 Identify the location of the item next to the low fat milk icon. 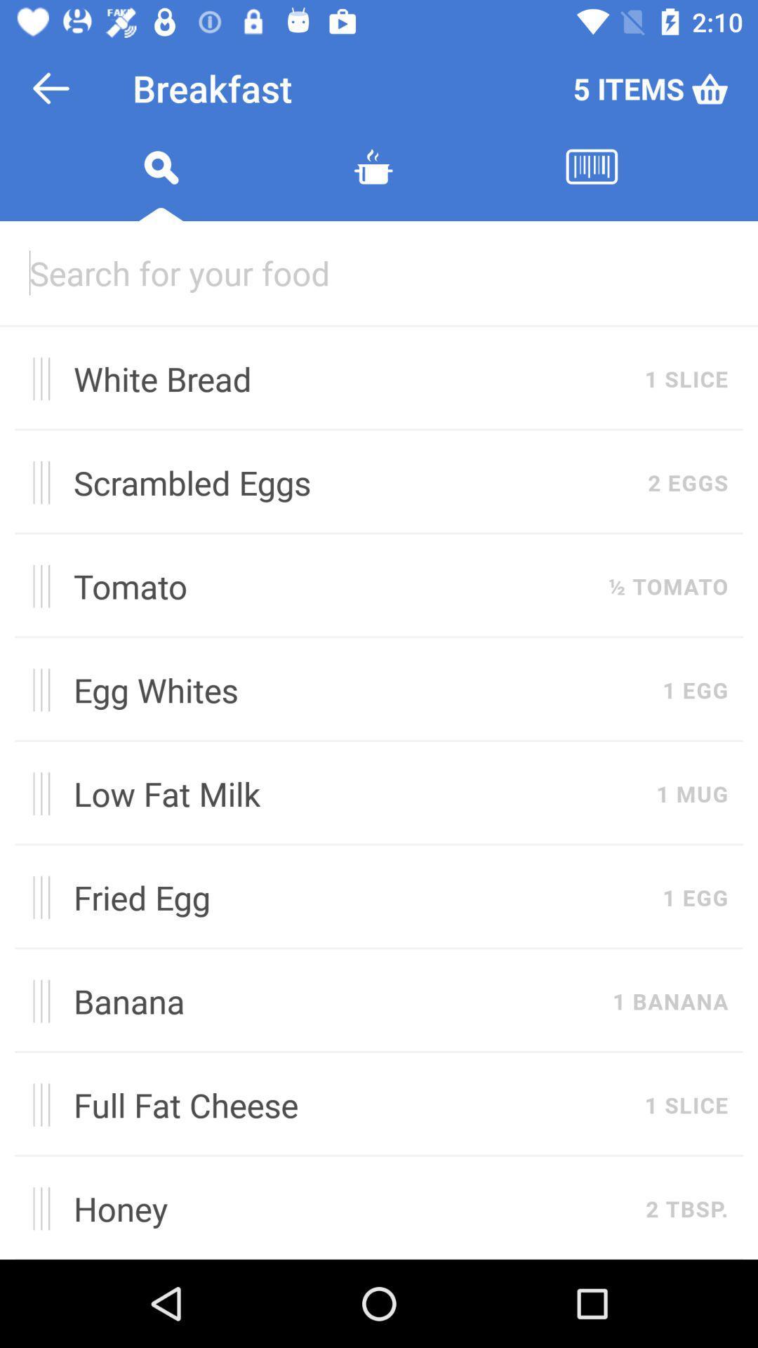
(36, 793).